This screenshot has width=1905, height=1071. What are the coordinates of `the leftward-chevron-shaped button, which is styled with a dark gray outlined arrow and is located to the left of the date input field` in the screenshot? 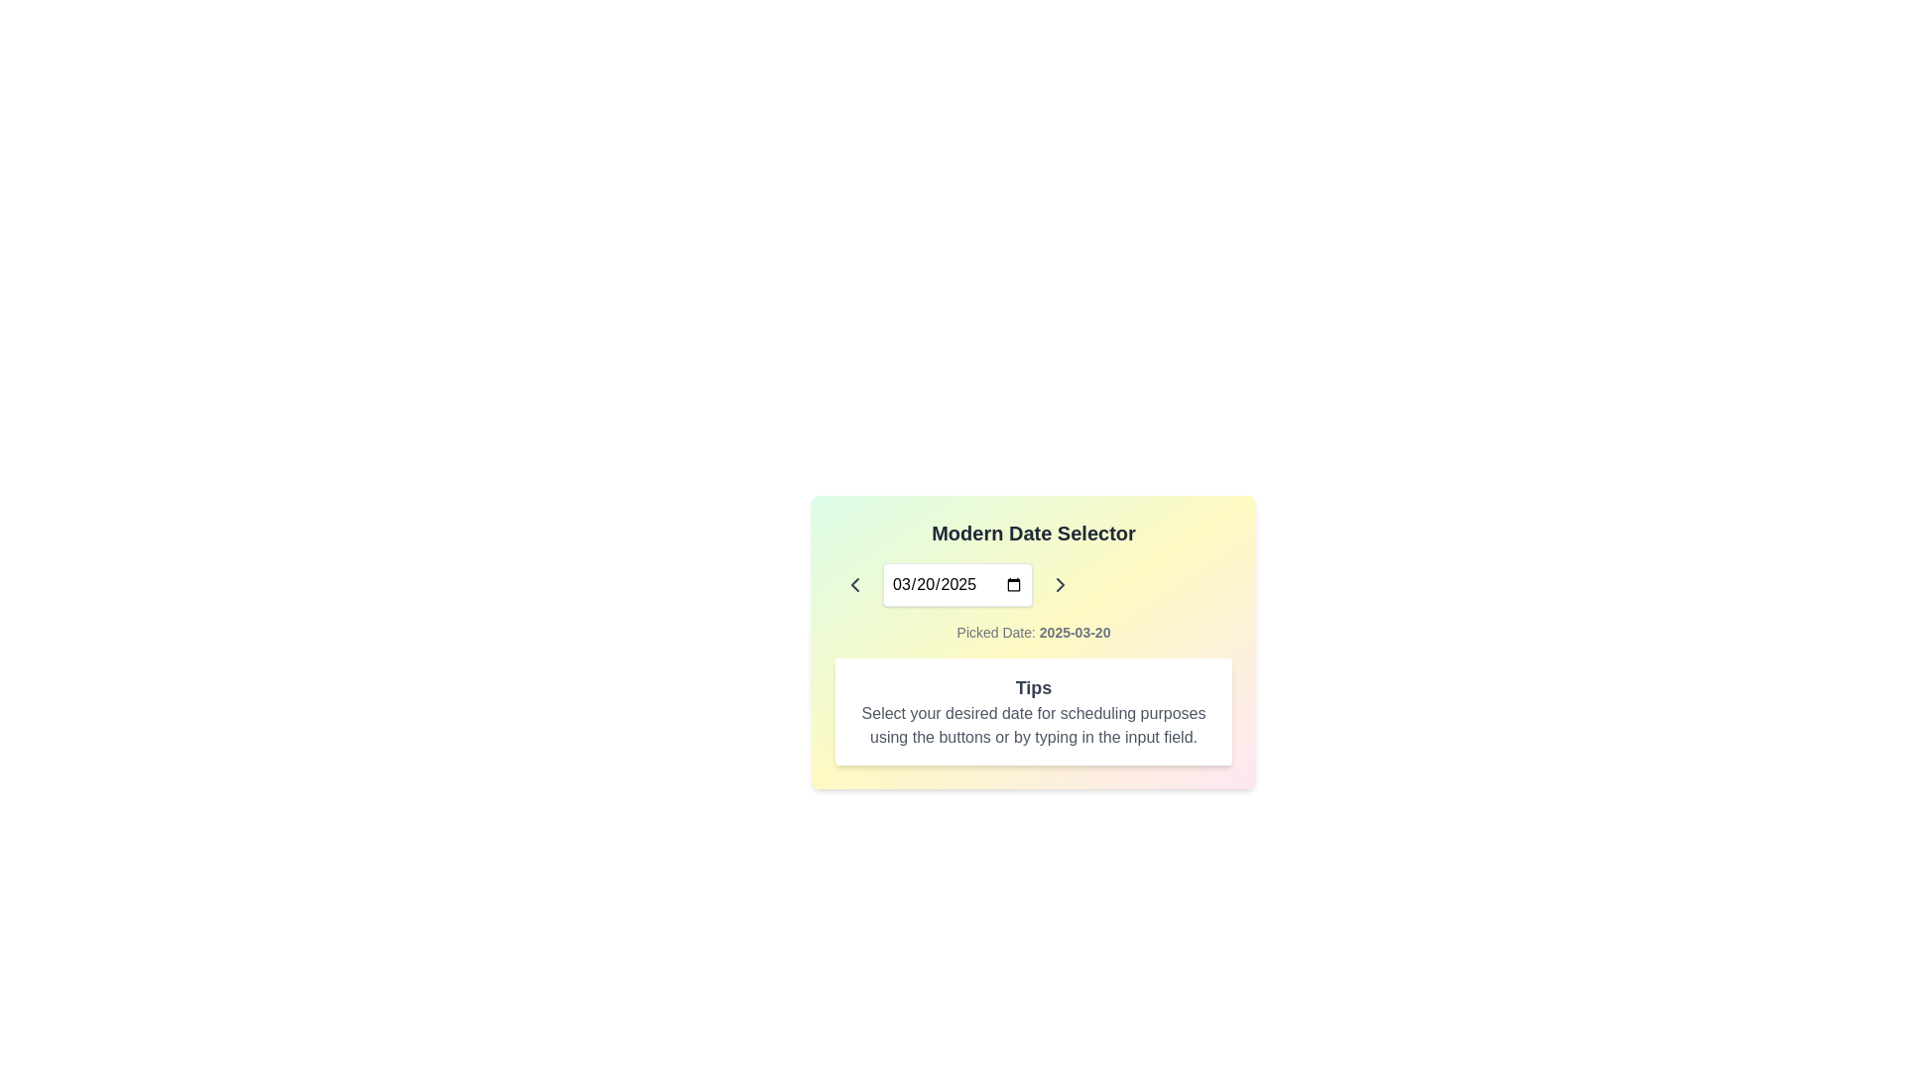 It's located at (855, 584).